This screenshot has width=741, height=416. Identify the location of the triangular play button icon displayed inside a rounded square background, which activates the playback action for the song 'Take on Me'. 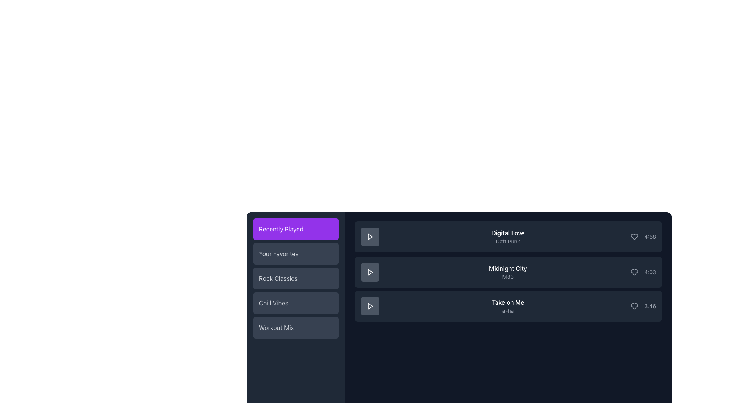
(370, 305).